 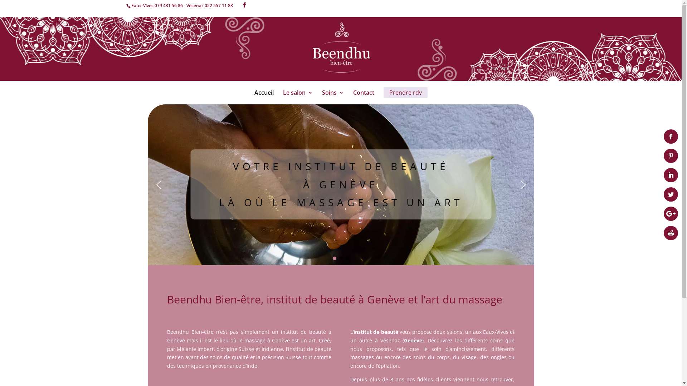 I want to click on 'Prendre rdv', so click(x=405, y=98).